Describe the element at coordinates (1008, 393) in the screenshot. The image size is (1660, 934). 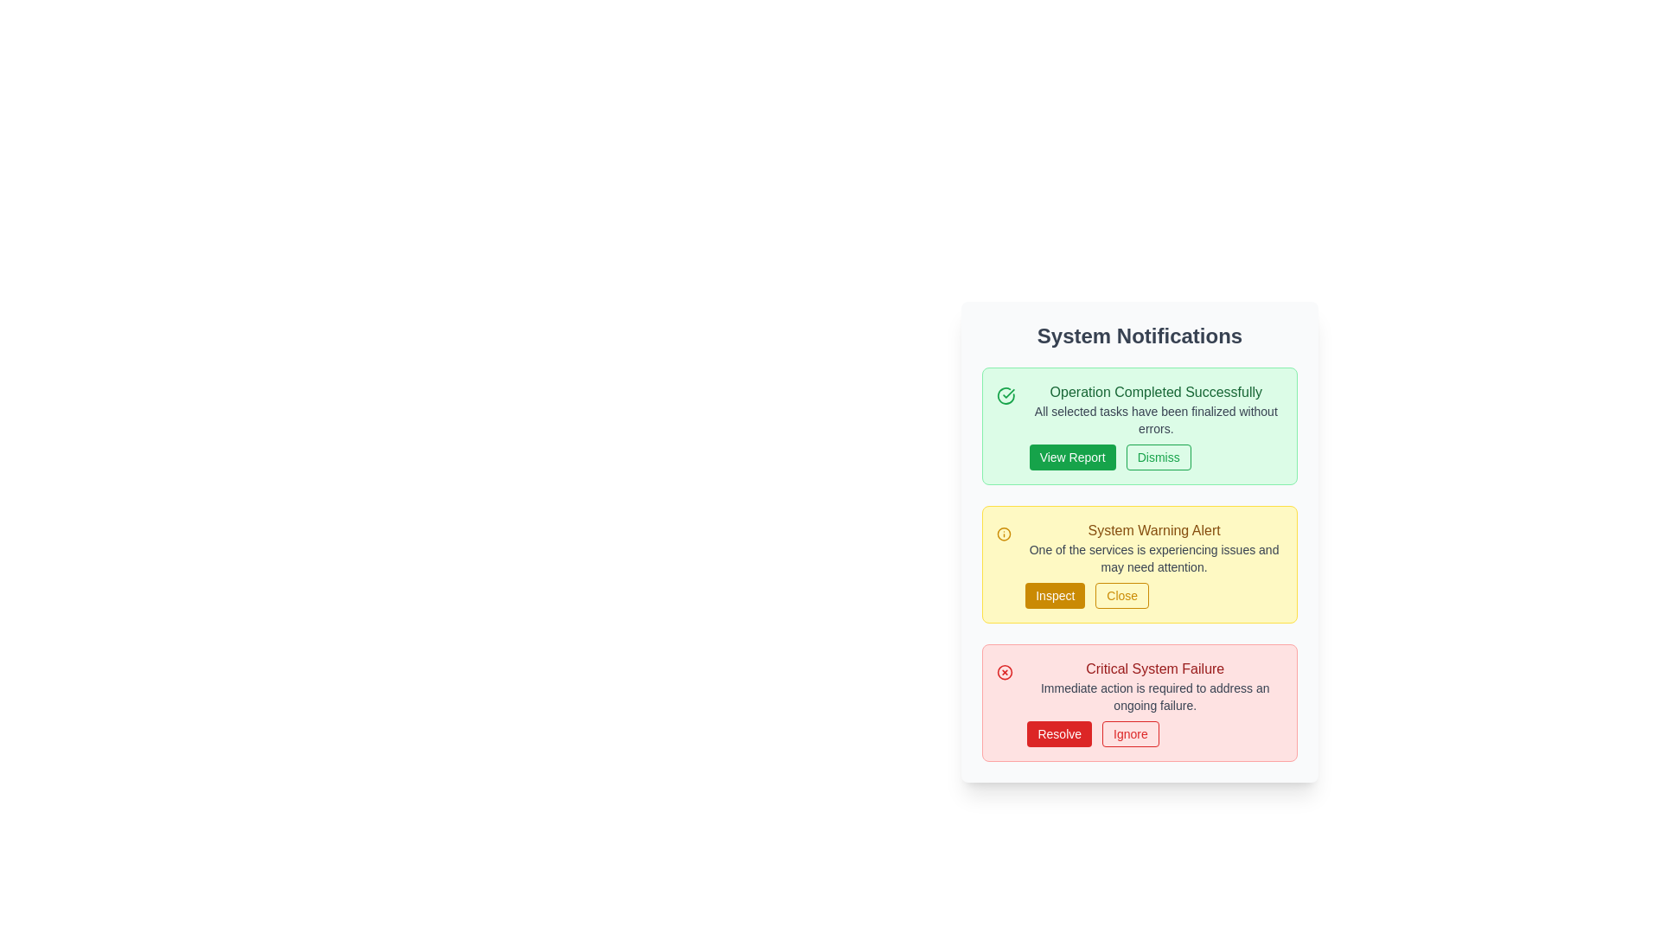
I see `the checkmark icon within the 'Operation Completed Successfully' notification box located at the top-left corner of the green-colored notification panel` at that location.